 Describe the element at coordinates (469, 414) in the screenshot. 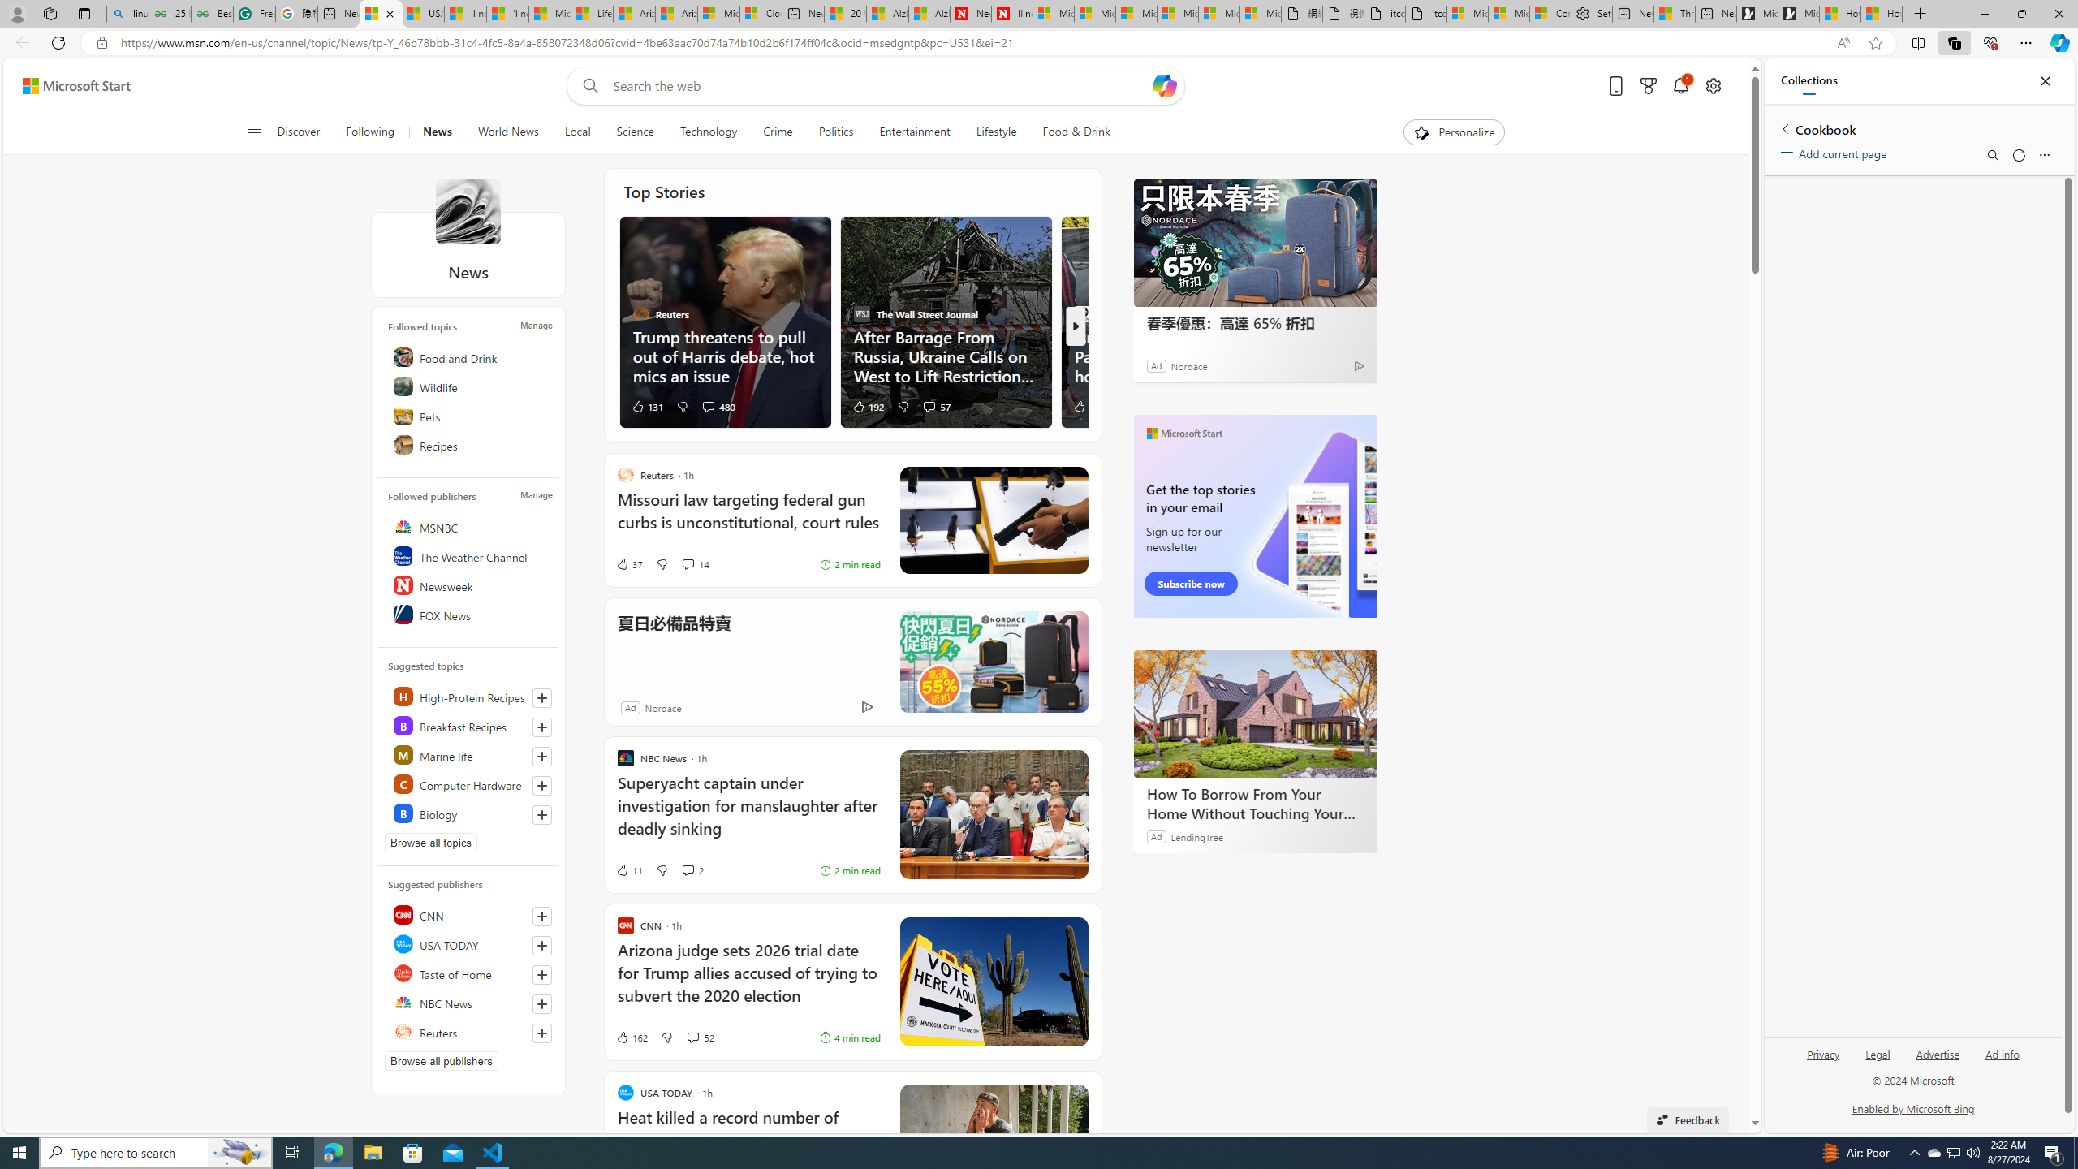

I see `'Pets'` at that location.